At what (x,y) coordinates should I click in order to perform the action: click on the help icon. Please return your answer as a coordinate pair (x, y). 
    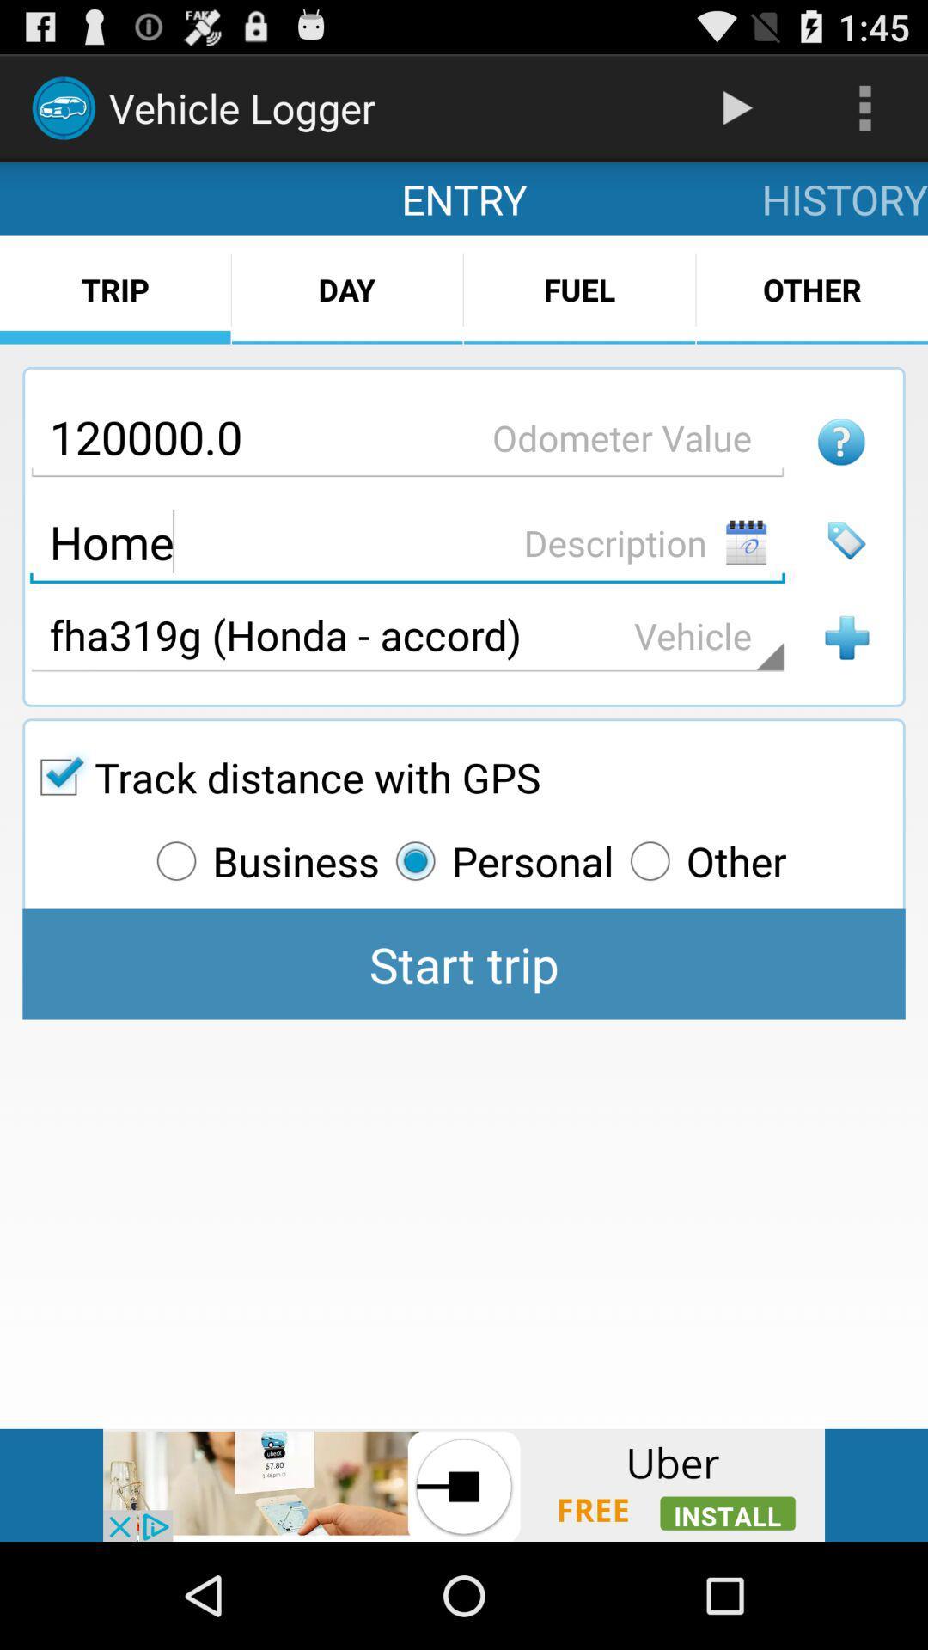
    Looking at the image, I should click on (840, 473).